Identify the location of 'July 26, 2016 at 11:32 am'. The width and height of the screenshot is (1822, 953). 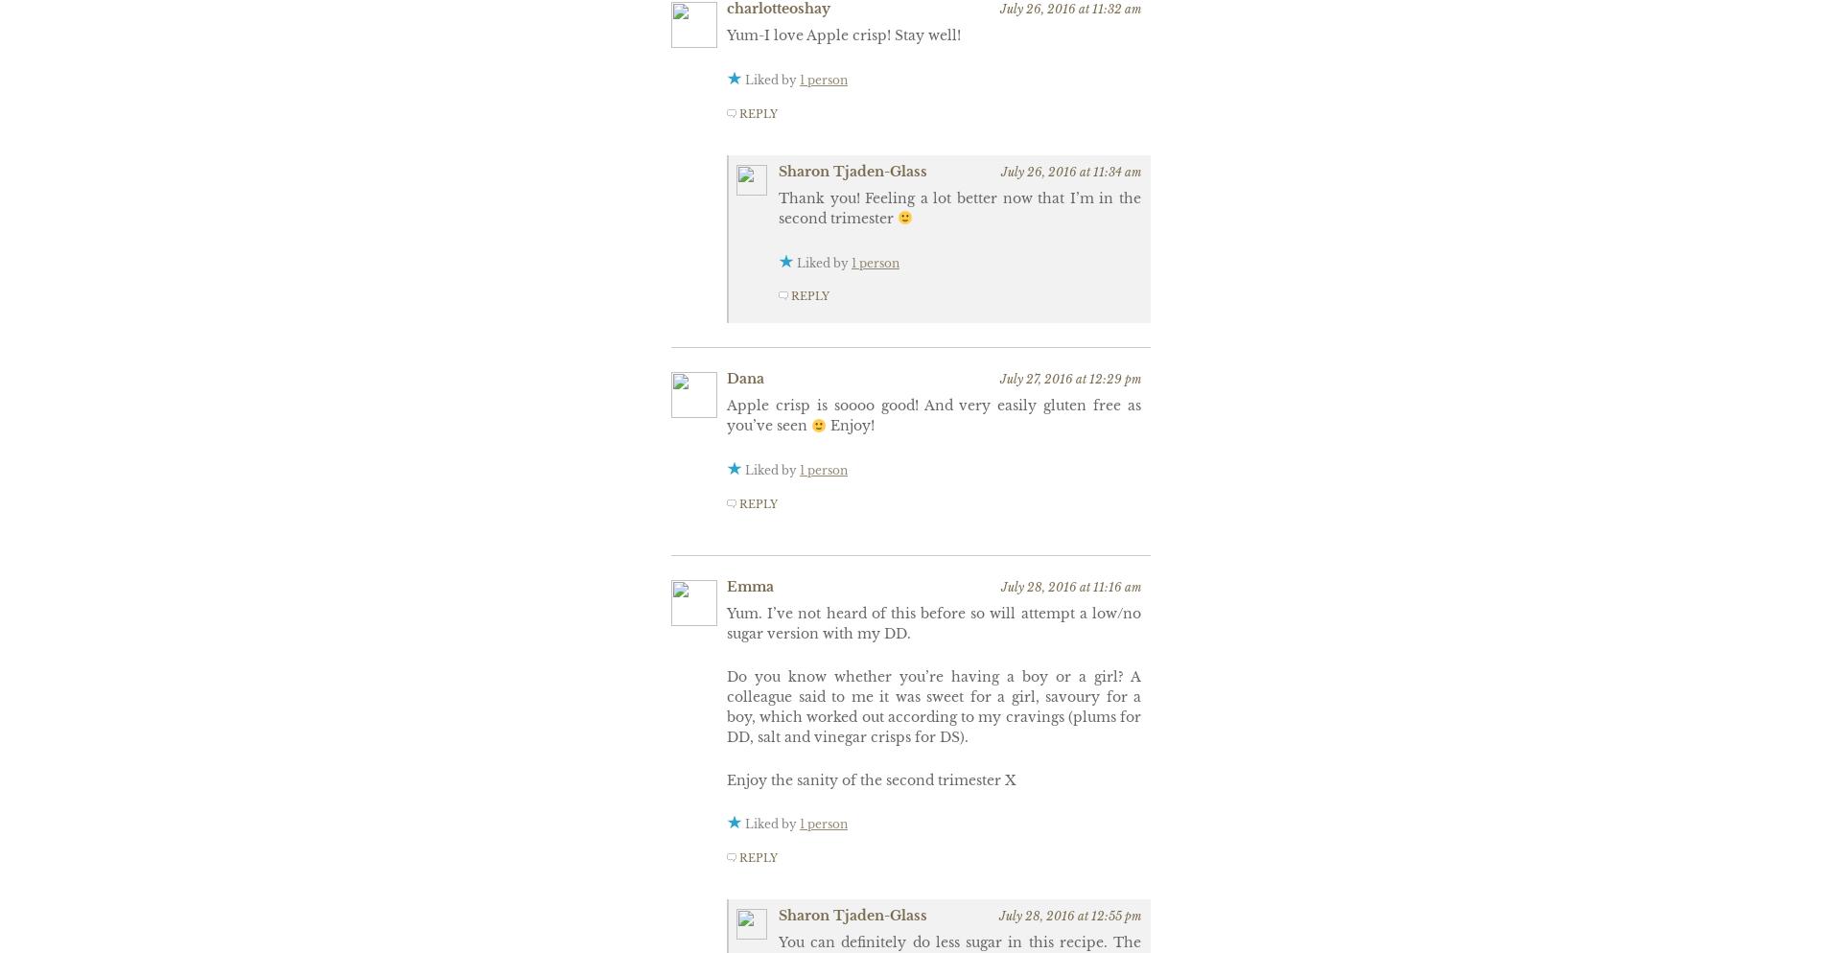
(999, 9).